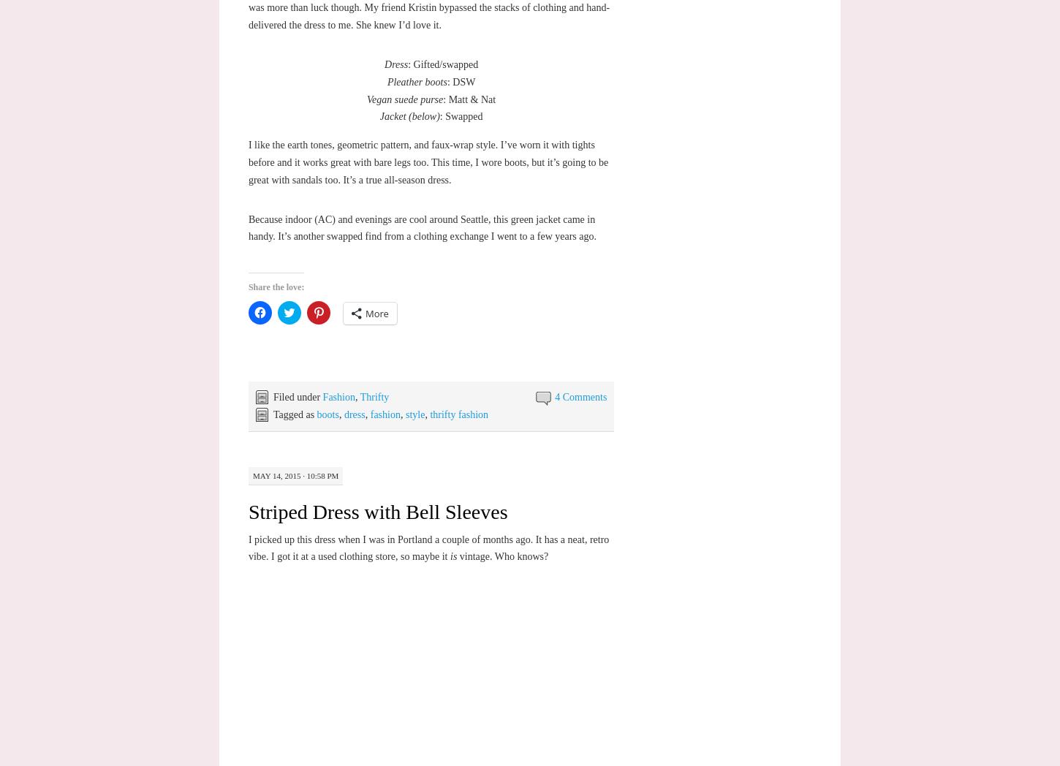 This screenshot has width=1060, height=766. I want to click on 'May 14, 2015 · 10:58 pm', so click(294, 474).